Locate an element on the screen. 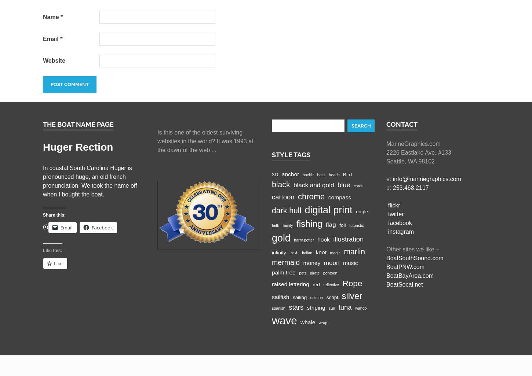  'money' is located at coordinates (311, 262).